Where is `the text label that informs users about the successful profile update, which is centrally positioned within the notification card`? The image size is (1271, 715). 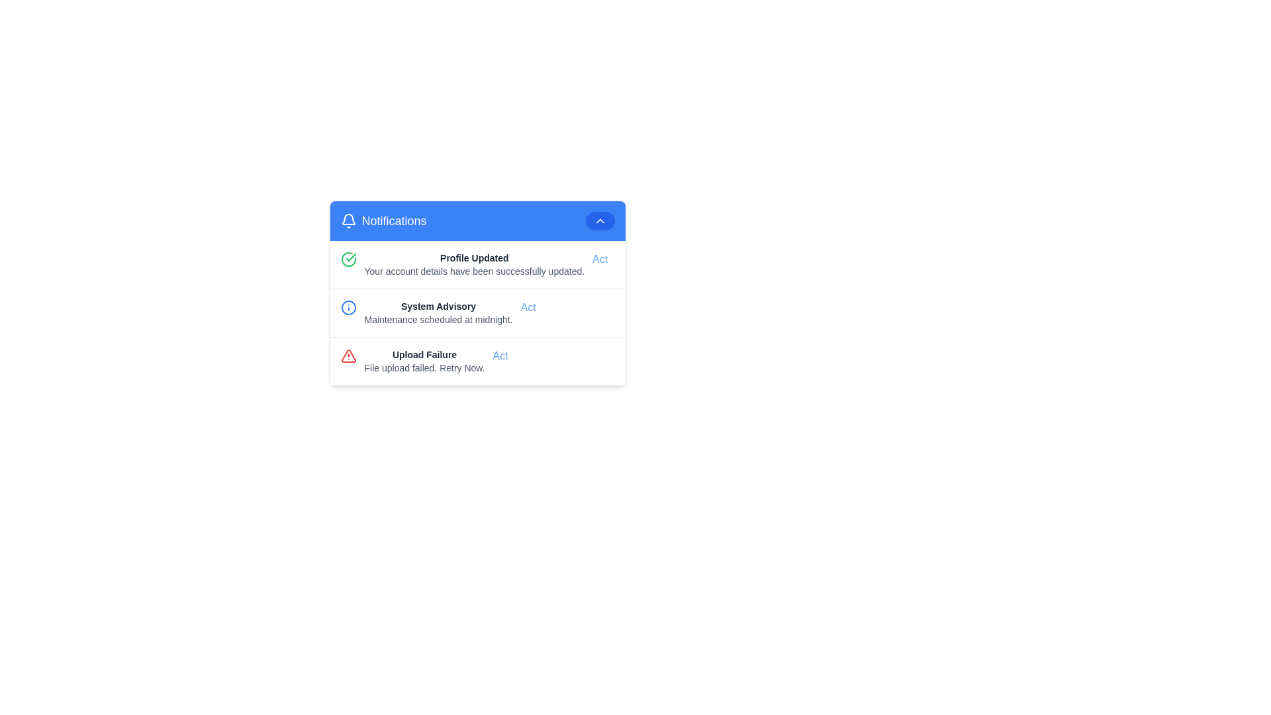 the text label that informs users about the successful profile update, which is centrally positioned within the notification card is located at coordinates (474, 258).